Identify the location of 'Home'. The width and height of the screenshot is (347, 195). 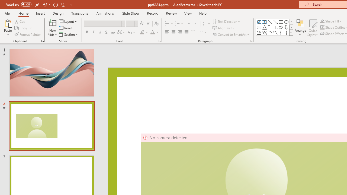
(23, 13).